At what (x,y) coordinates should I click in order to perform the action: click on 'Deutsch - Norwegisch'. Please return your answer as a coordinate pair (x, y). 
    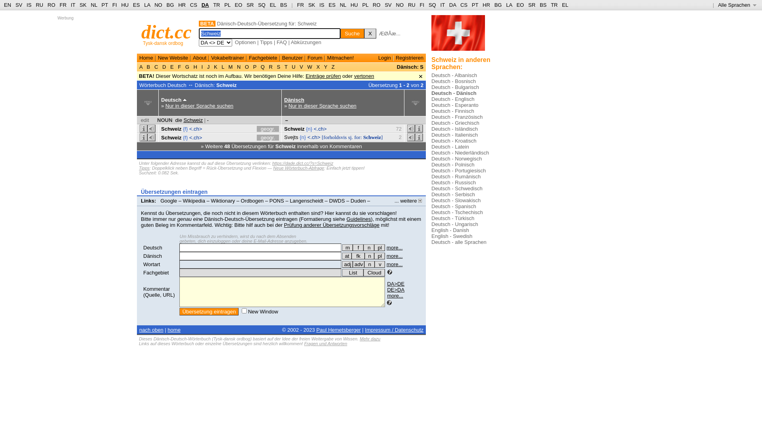
    Looking at the image, I should click on (456, 158).